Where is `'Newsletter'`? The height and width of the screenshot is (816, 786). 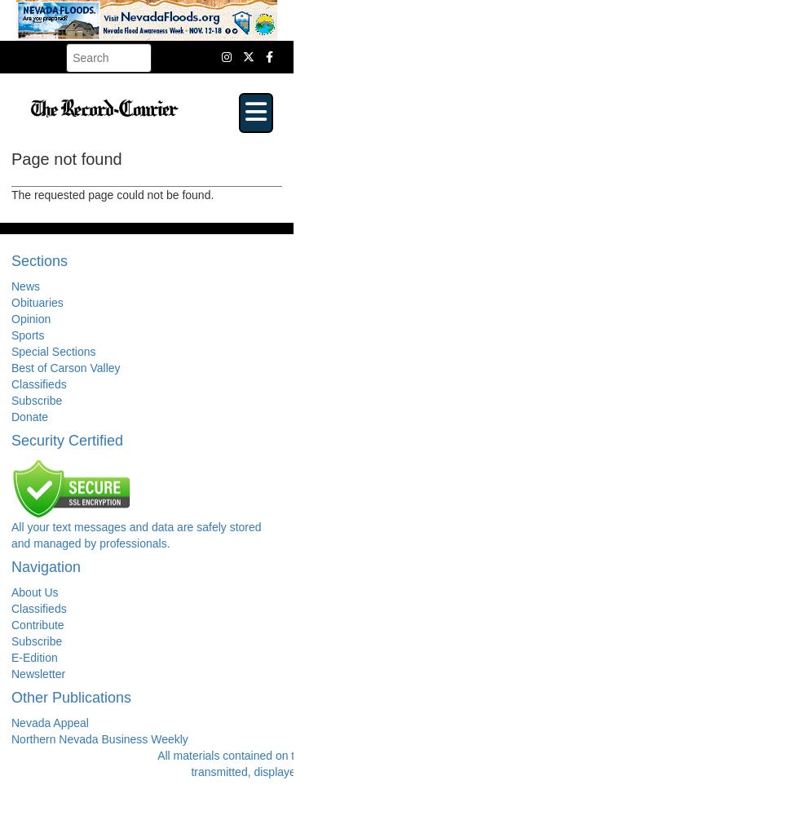 'Newsletter' is located at coordinates (10, 672).